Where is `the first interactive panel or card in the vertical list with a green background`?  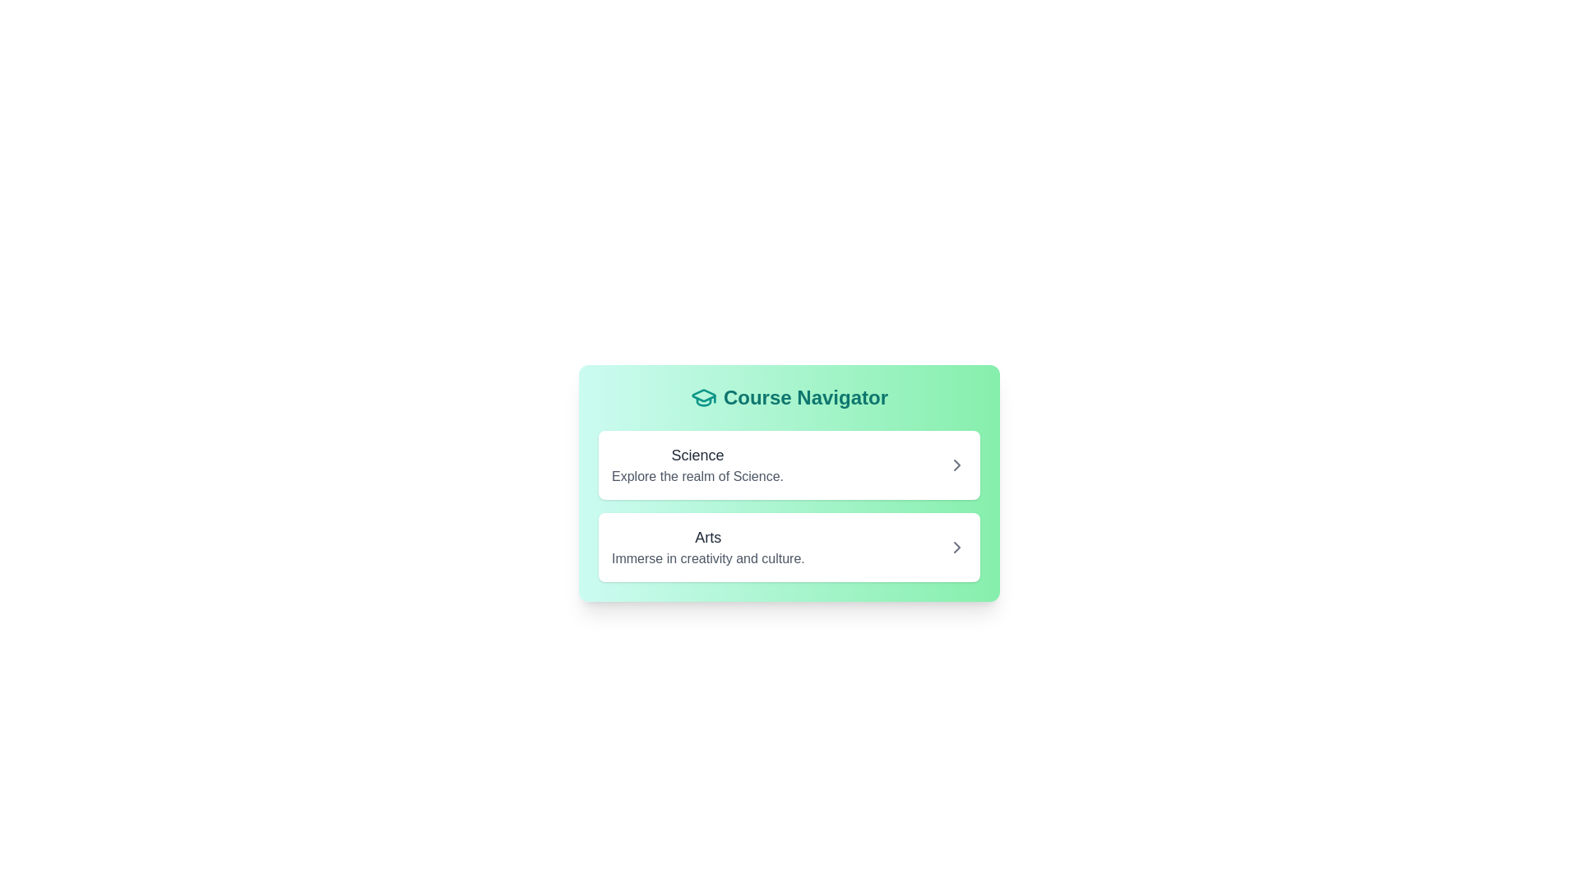
the first interactive panel or card in the vertical list with a green background is located at coordinates (789, 465).